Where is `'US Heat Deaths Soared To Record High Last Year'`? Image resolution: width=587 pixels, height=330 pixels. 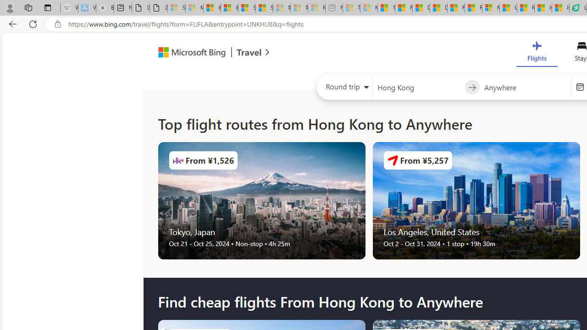 'US Heat Deaths Soared To Record High Last Year' is located at coordinates (508, 8).